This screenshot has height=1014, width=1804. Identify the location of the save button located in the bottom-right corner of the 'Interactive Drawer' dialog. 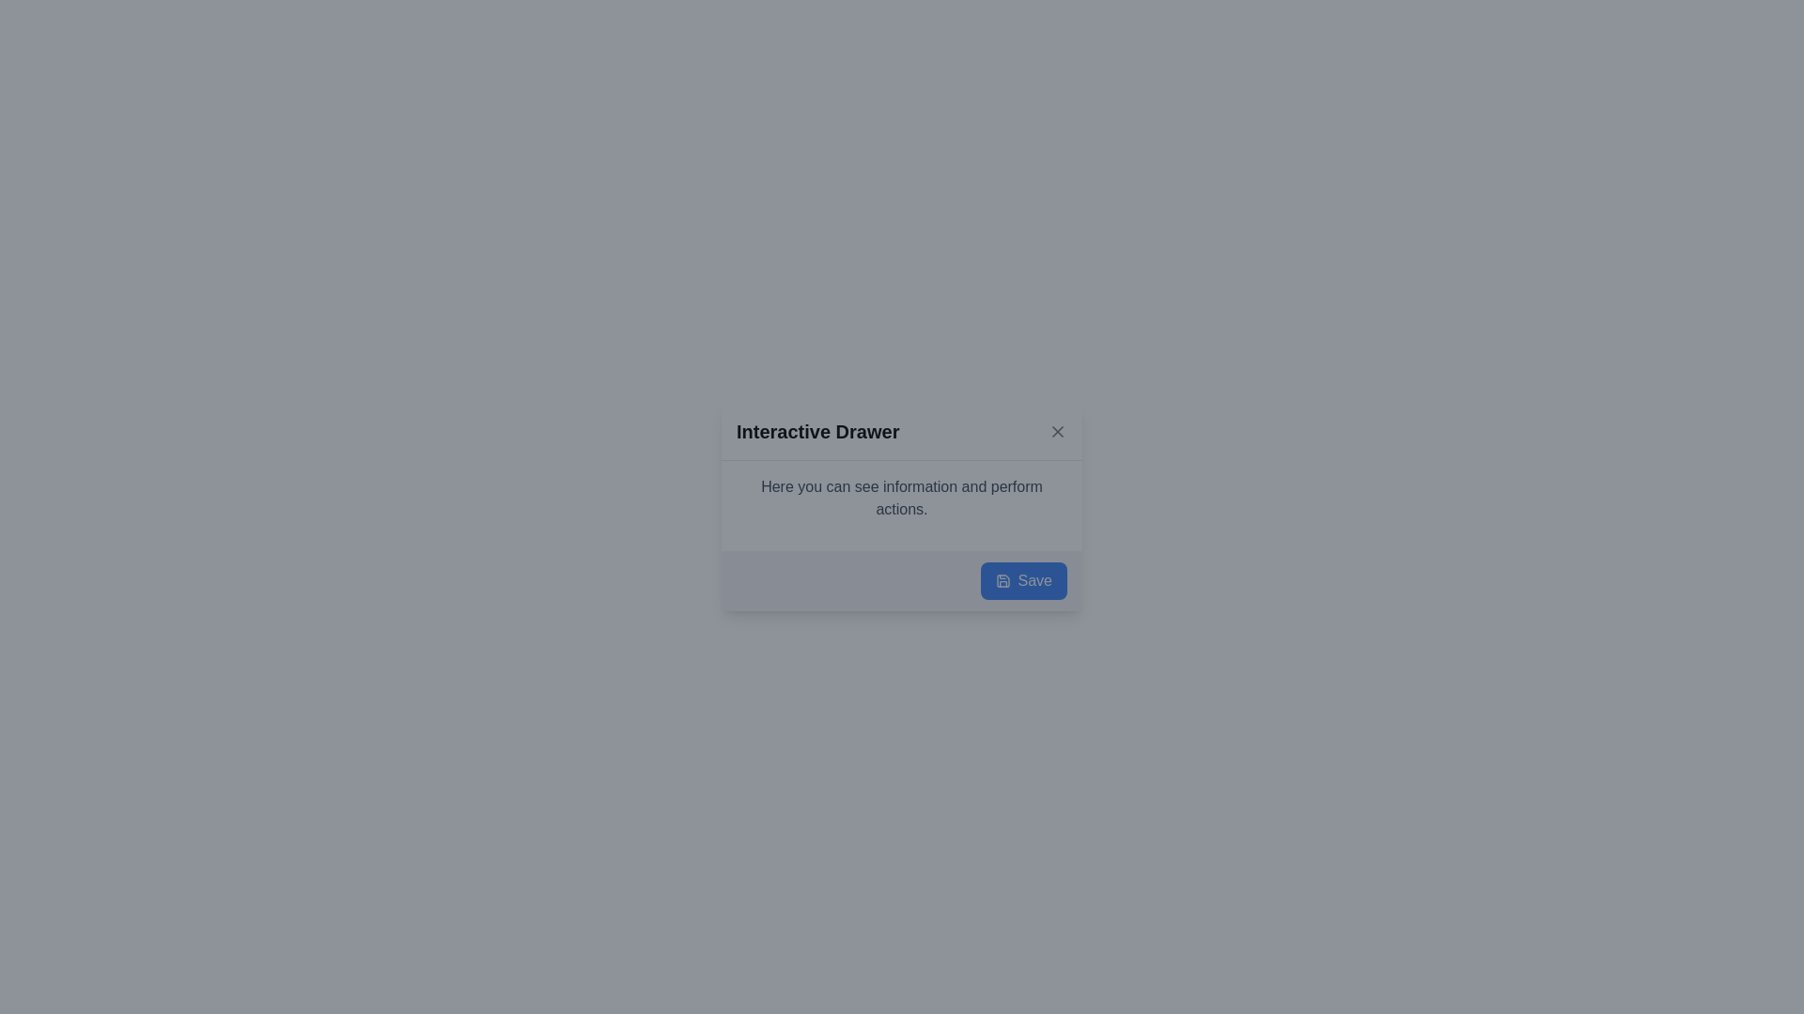
(1022, 579).